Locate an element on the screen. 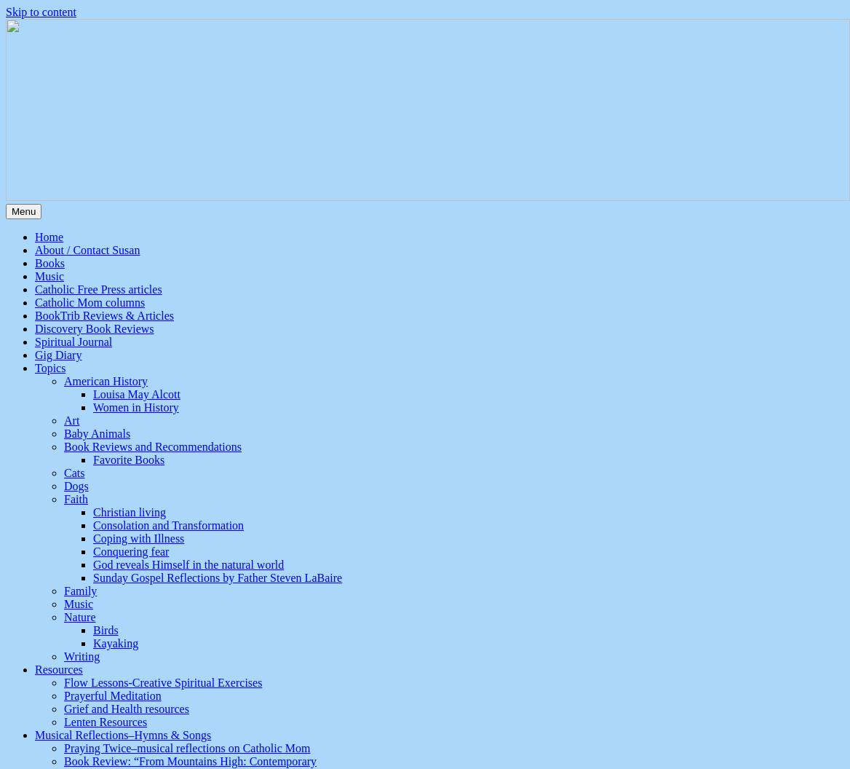  'American History' is located at coordinates (105, 380).